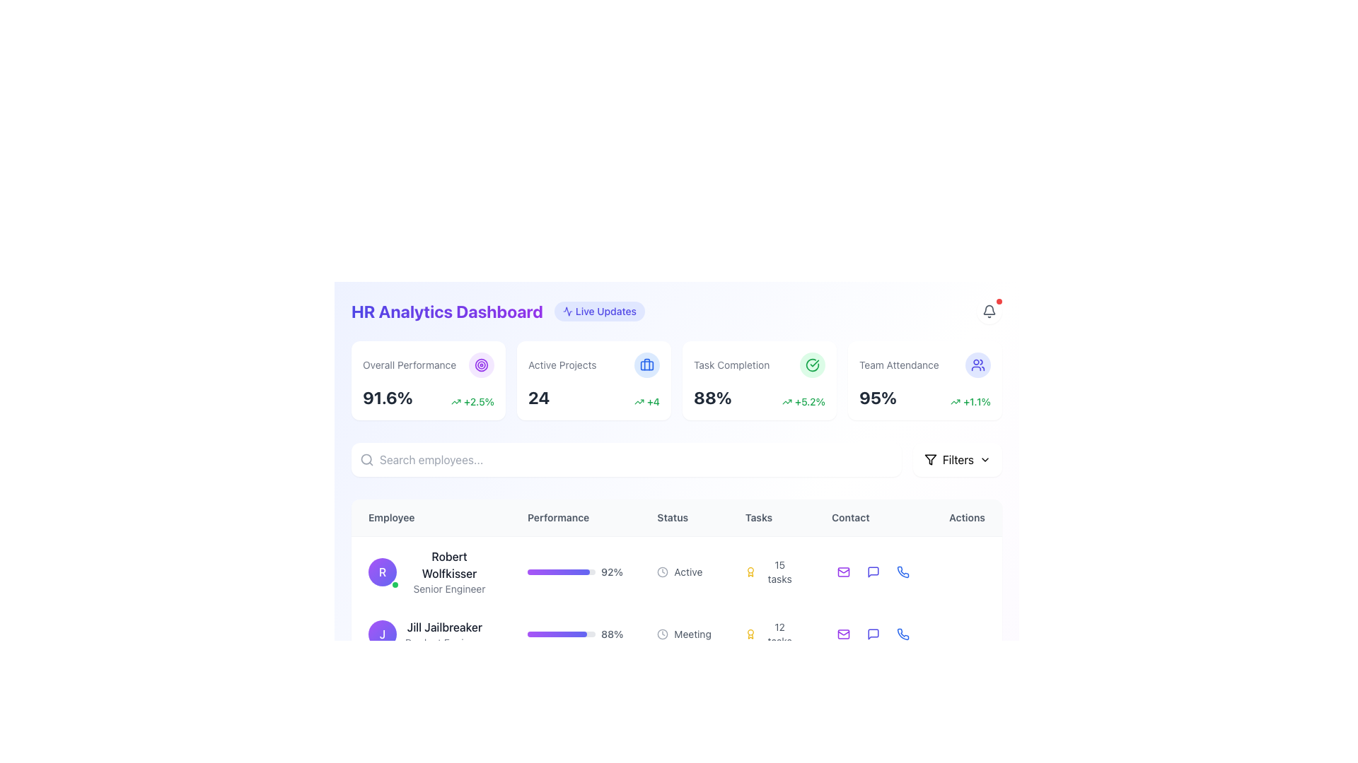  What do you see at coordinates (873, 572) in the screenshot?
I see `the second button in the contact row for the employee Robert Wolfkisser, located in the Contact column` at bounding box center [873, 572].